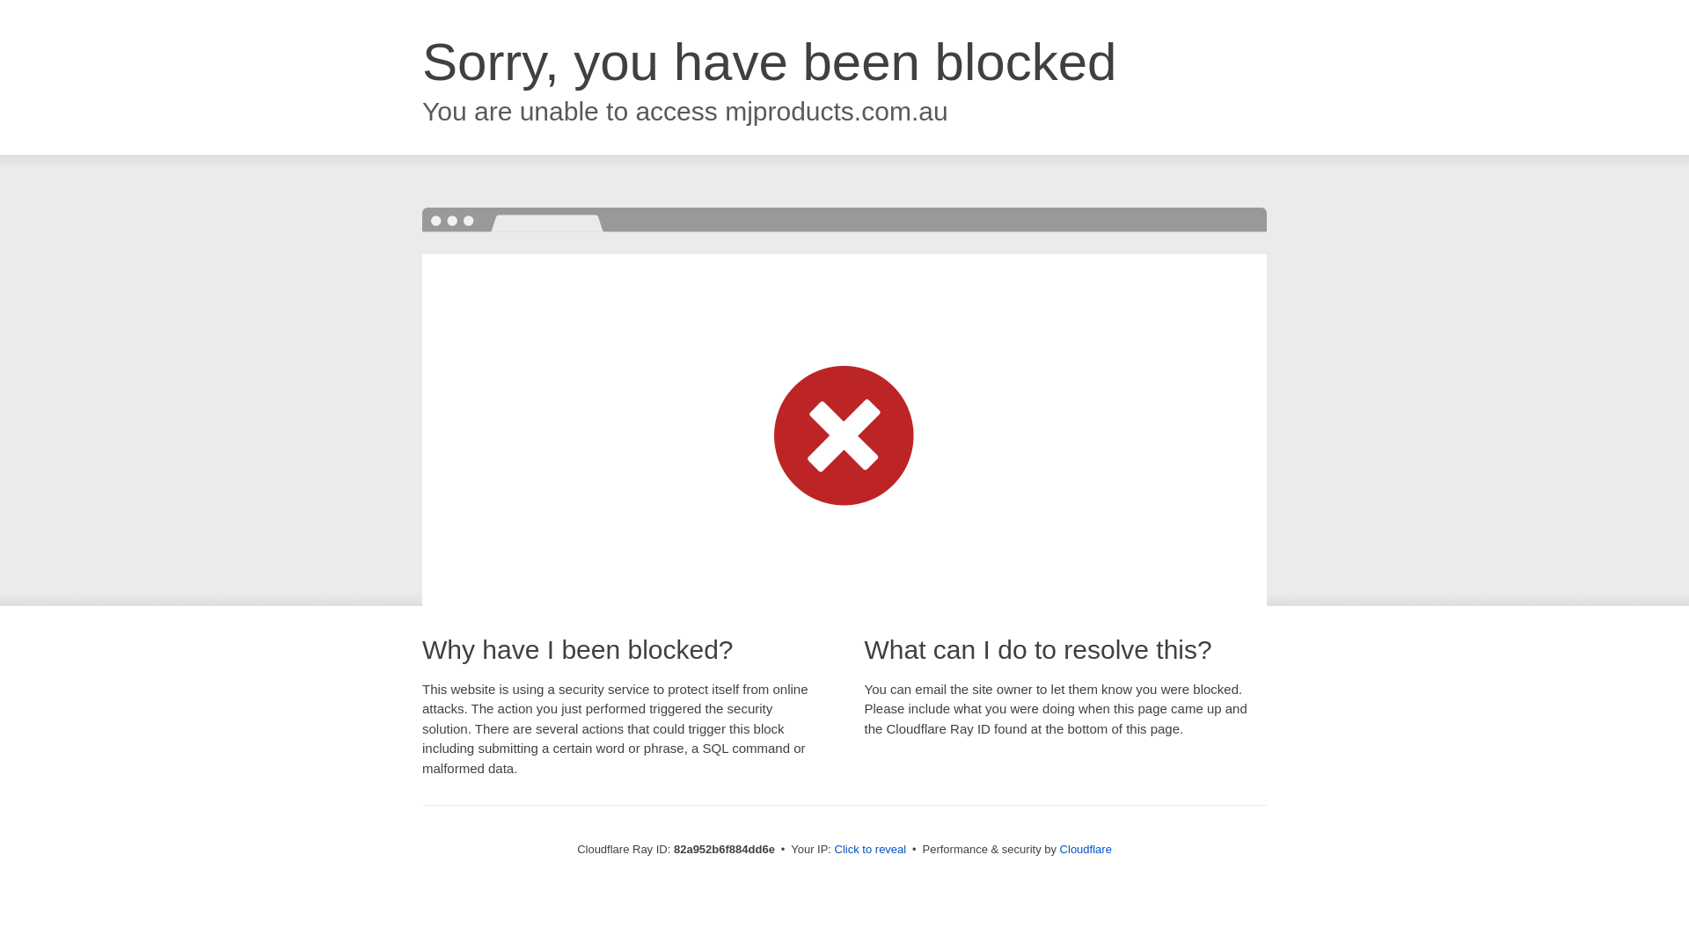 The image size is (1689, 950). Describe the element at coordinates (870, 848) in the screenshot. I see `'Click to reveal'` at that location.